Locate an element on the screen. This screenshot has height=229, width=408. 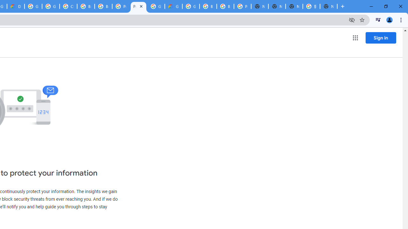
'Google Cloud Platform' is located at coordinates (191, 6).